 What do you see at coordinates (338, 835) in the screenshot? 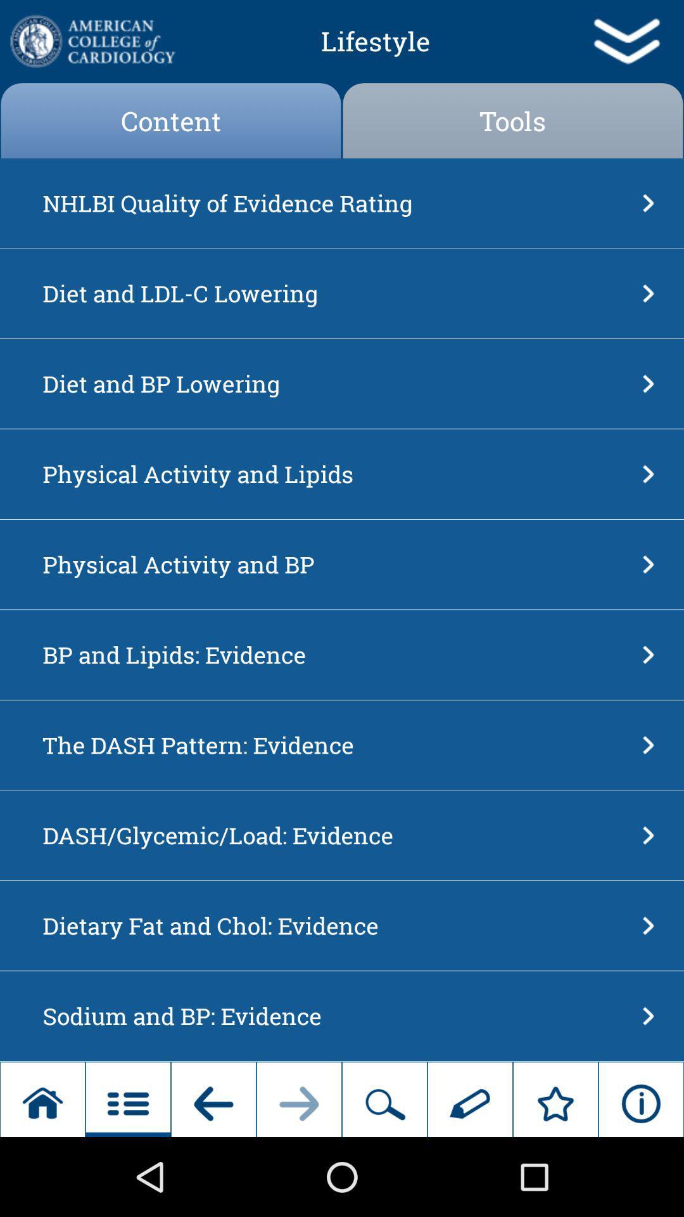
I see `dash glycemic load icon` at bounding box center [338, 835].